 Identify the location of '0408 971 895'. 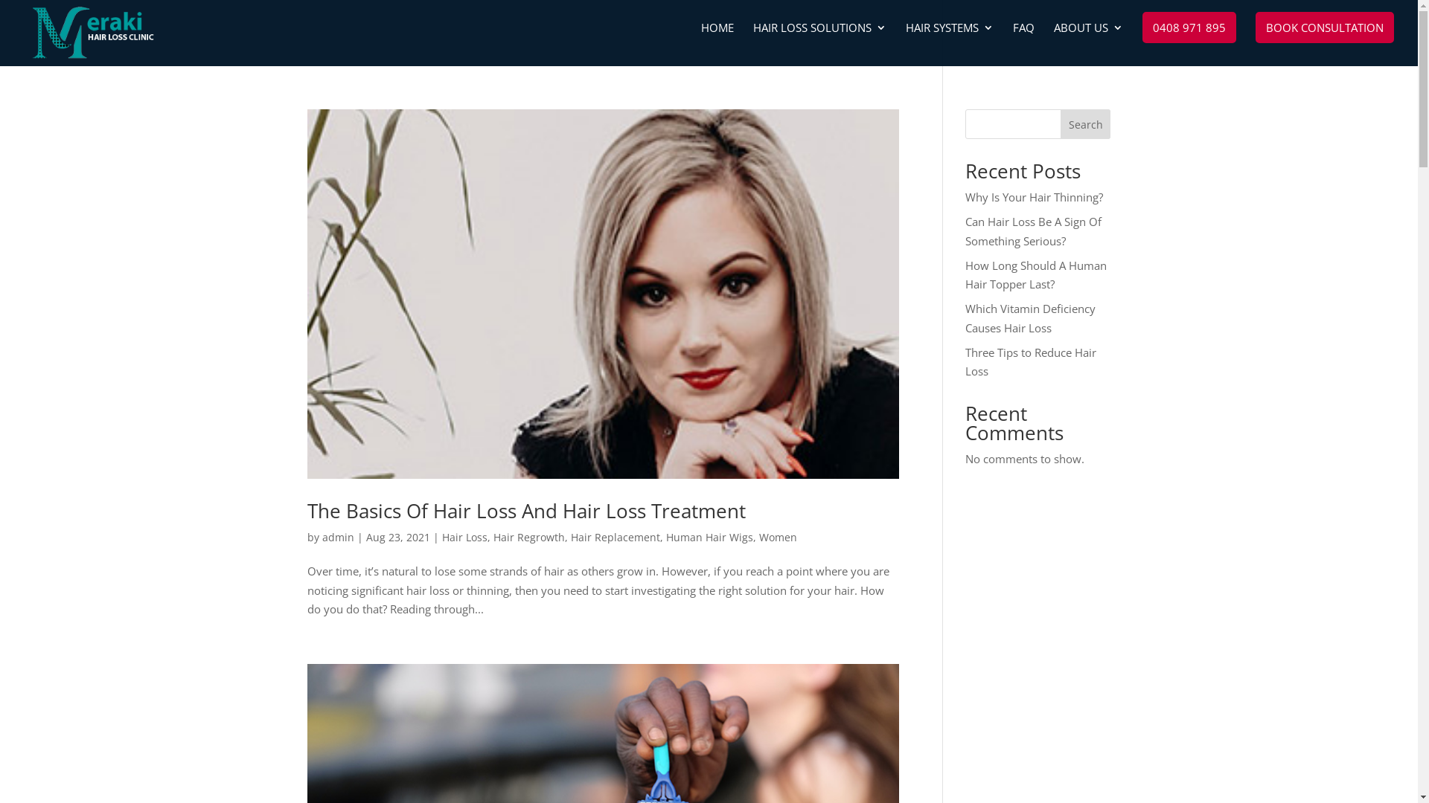
(1142, 28).